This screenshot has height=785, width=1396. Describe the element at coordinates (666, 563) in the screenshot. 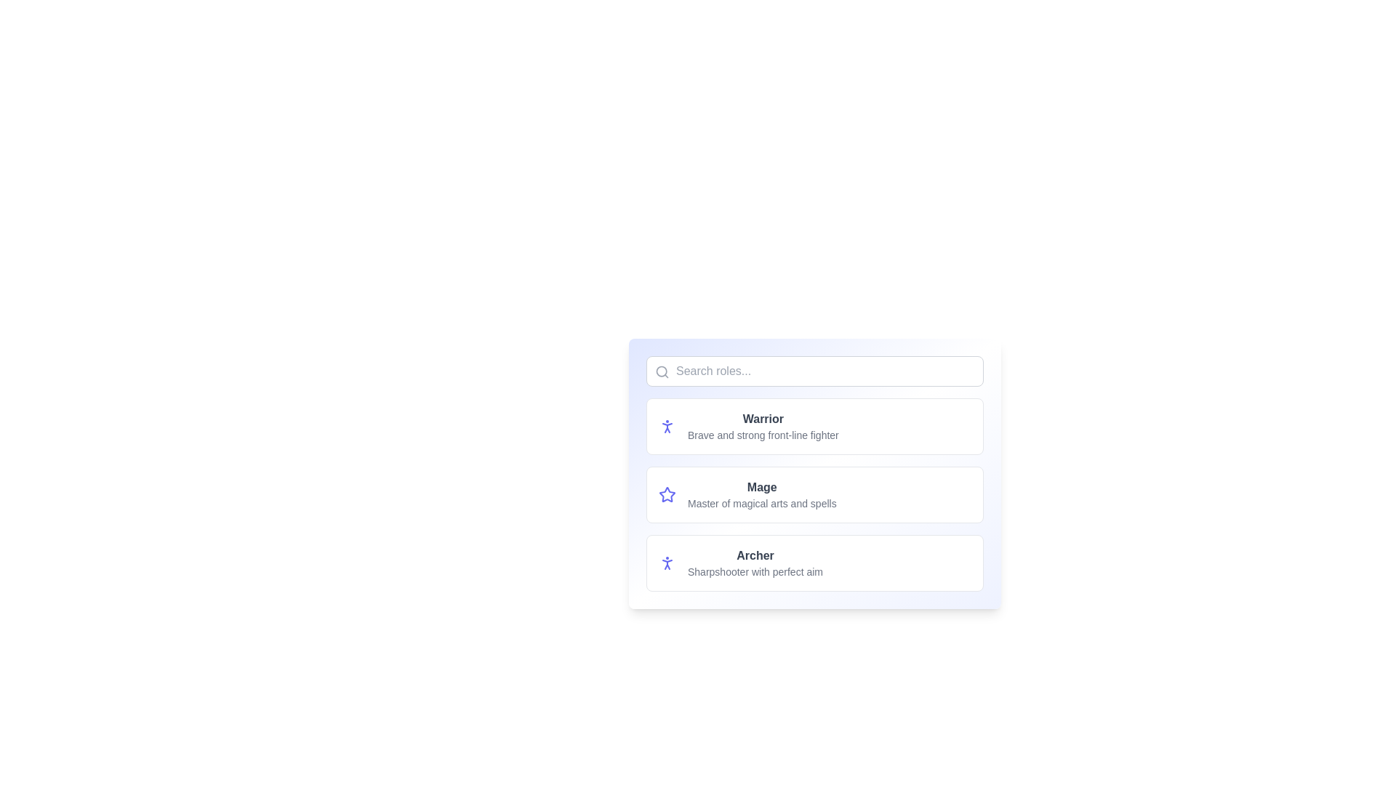

I see `the 'Archer' role icon, which is visually represented in the list of options near the left side, below the 'Mage' option` at that location.